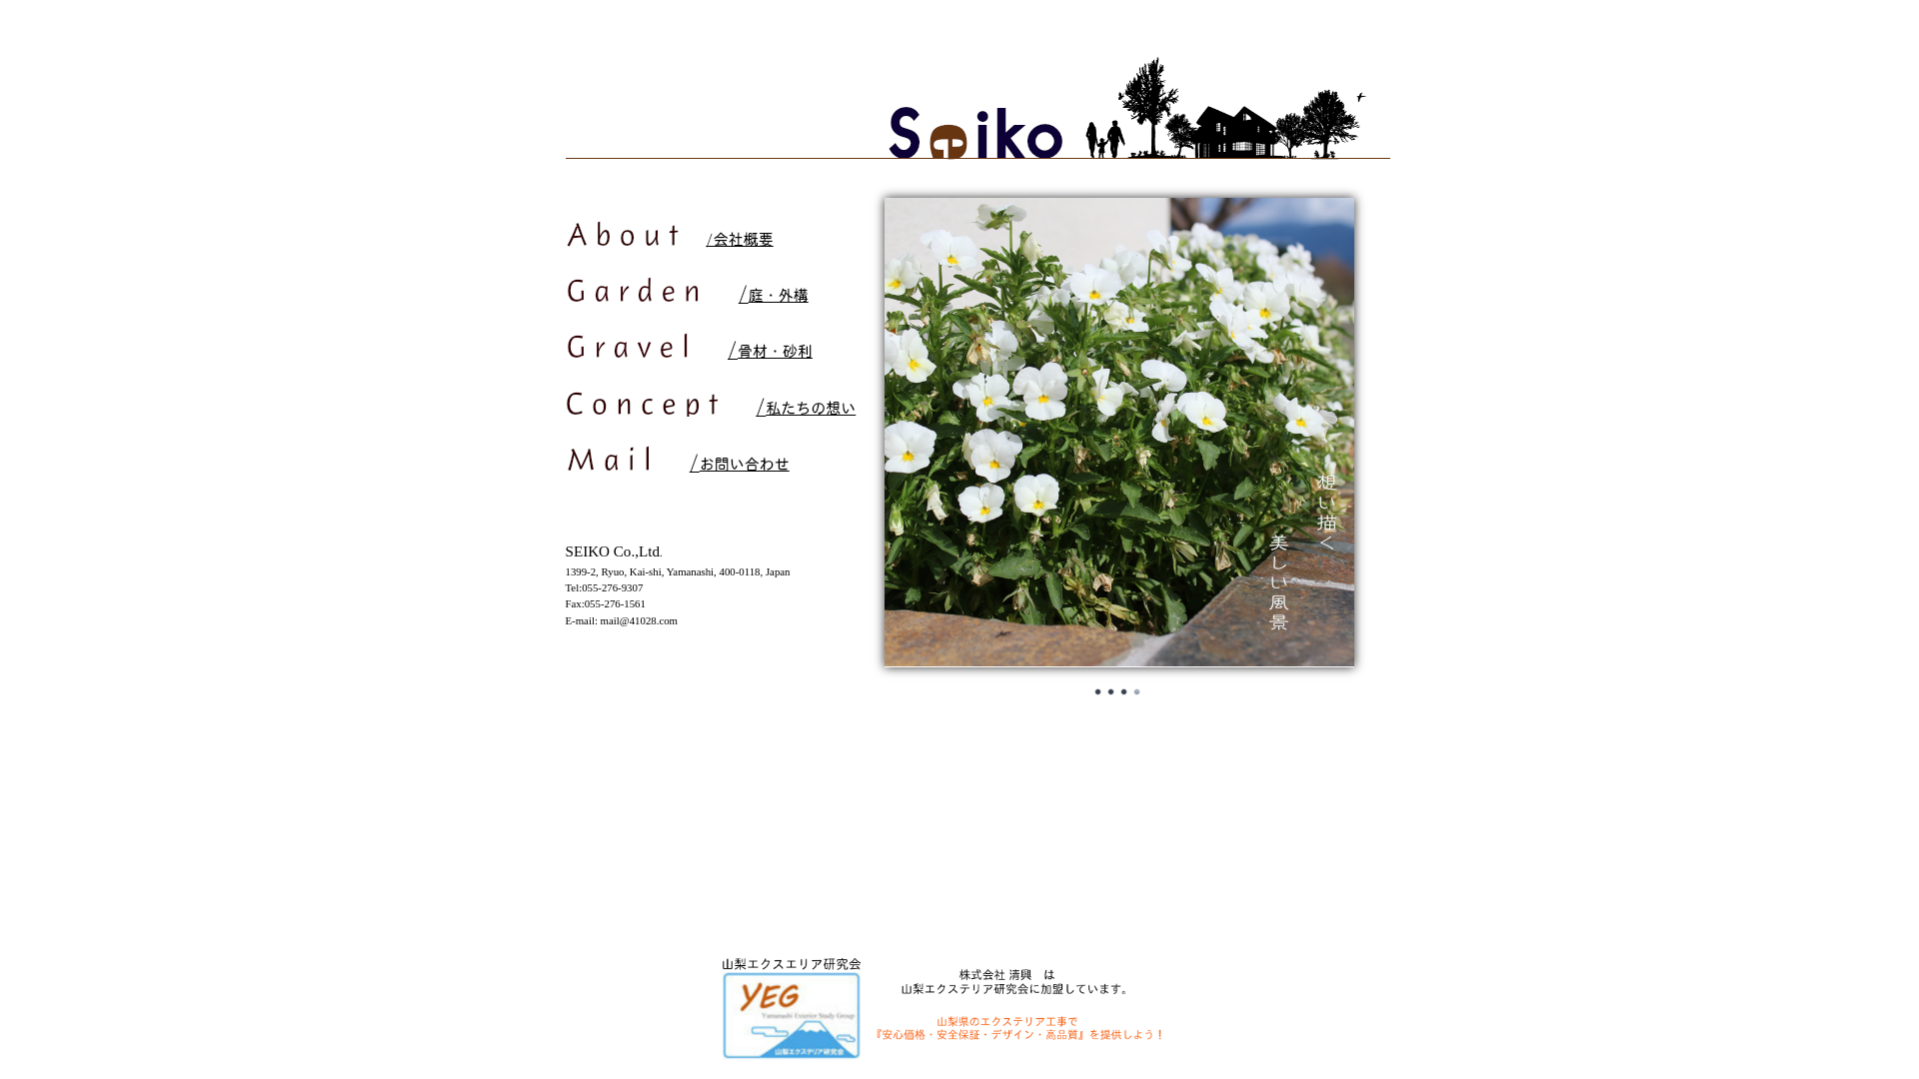 The image size is (1919, 1079). What do you see at coordinates (1131, 691) in the screenshot?
I see `'4'` at bounding box center [1131, 691].